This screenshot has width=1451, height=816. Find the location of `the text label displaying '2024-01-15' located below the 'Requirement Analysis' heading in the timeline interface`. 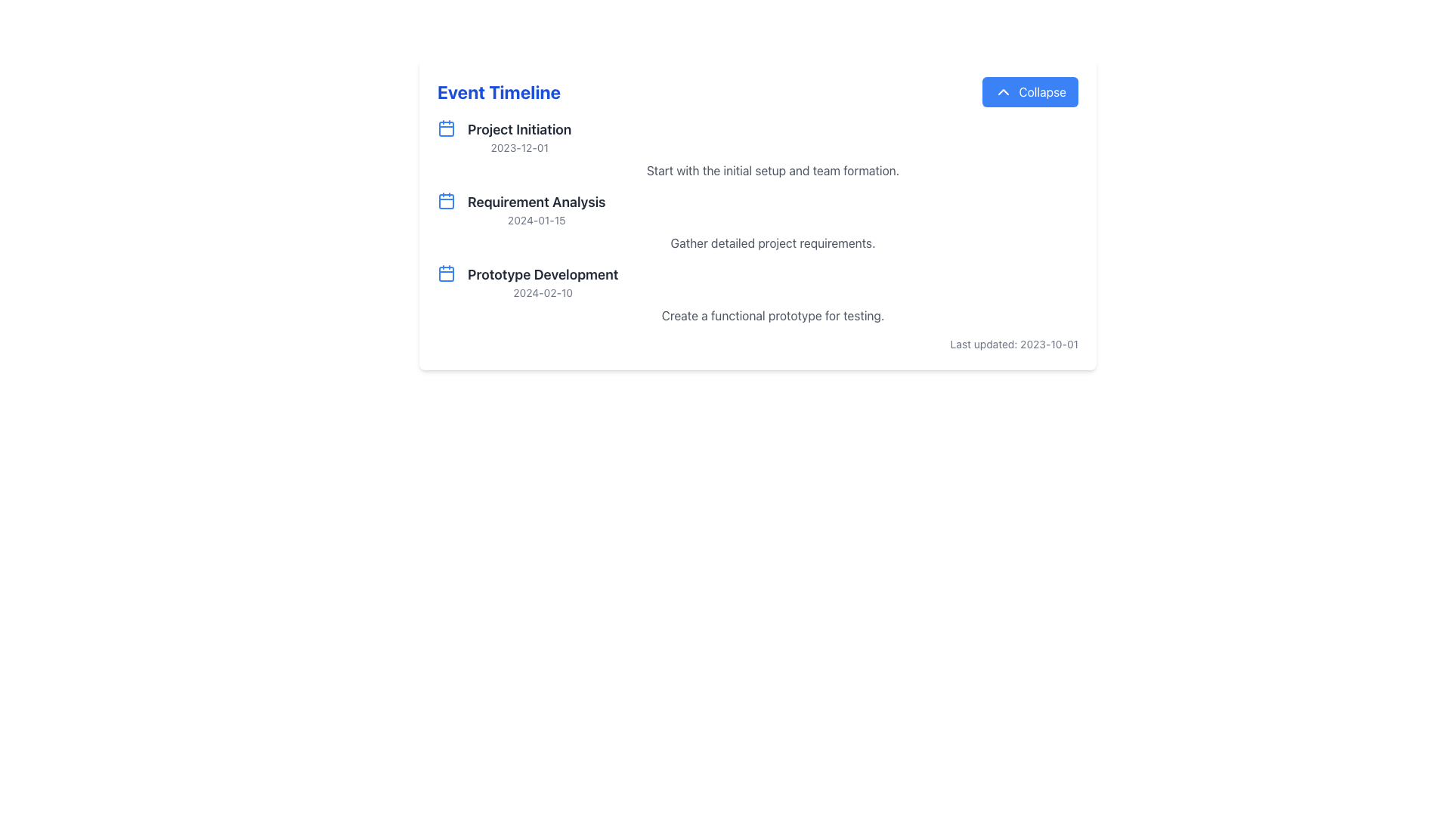

the text label displaying '2024-01-15' located below the 'Requirement Analysis' heading in the timeline interface is located at coordinates (537, 221).